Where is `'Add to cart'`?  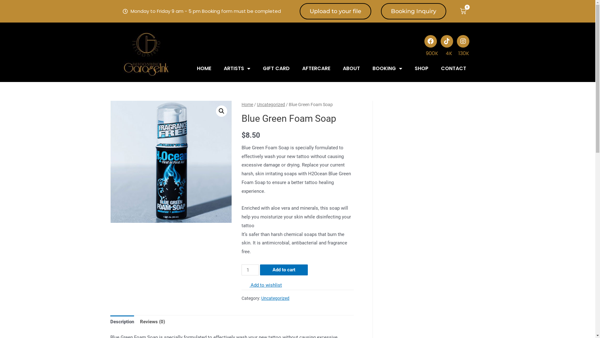
'Add to cart' is located at coordinates (283, 269).